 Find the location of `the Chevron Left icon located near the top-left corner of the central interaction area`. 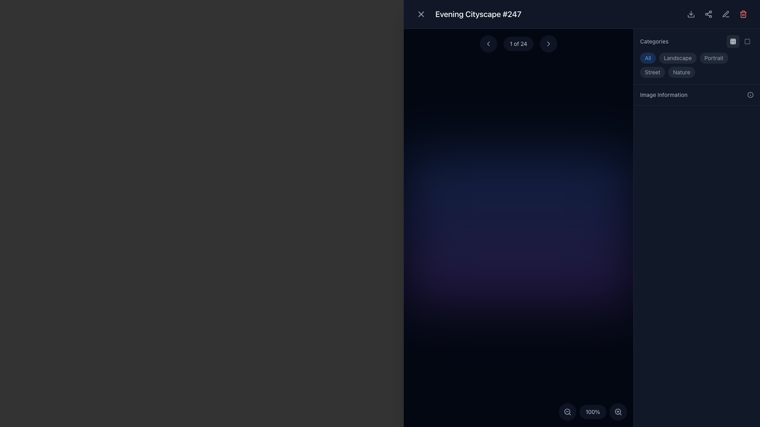

the Chevron Left icon located near the top-left corner of the central interaction area is located at coordinates (488, 44).